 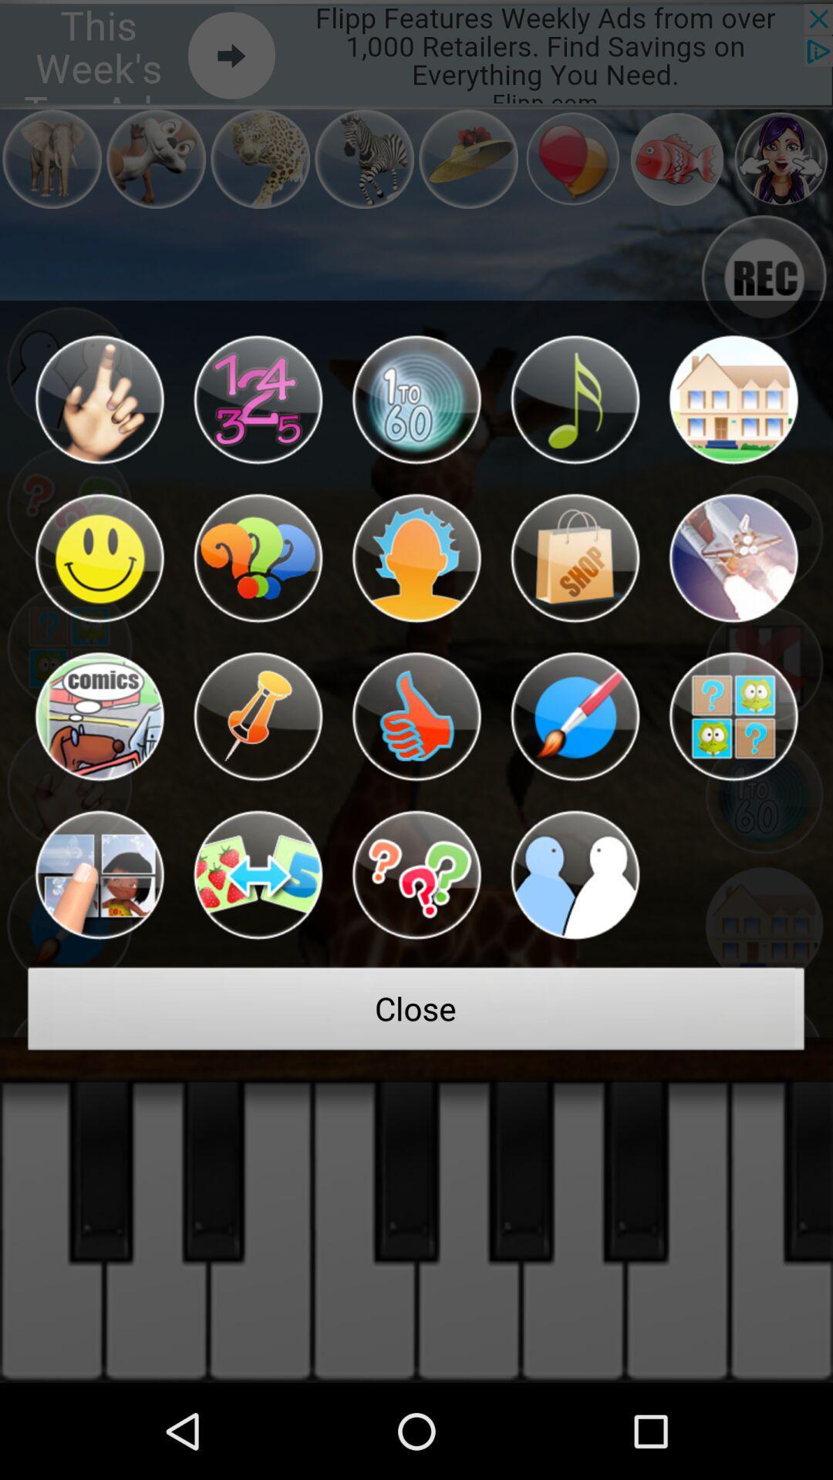 What do you see at coordinates (416, 399) in the screenshot?
I see `the emoji` at bounding box center [416, 399].